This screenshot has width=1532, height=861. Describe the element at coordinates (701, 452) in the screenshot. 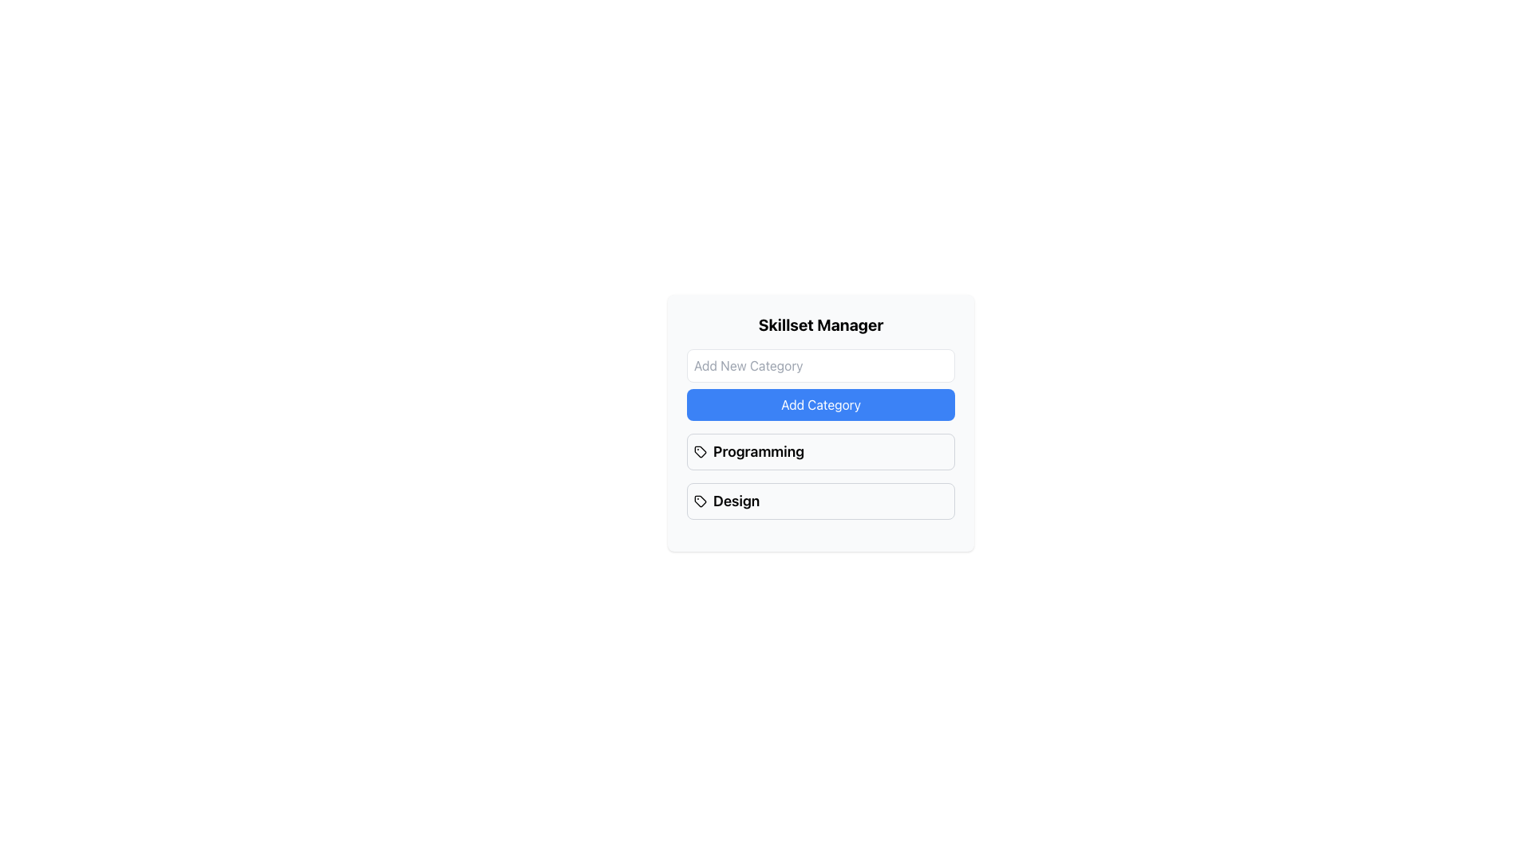

I see `the icon which is a tag shape with a small circle inside, located to the left of the text 'Programming' in the 'Skillset Manager' card` at that location.